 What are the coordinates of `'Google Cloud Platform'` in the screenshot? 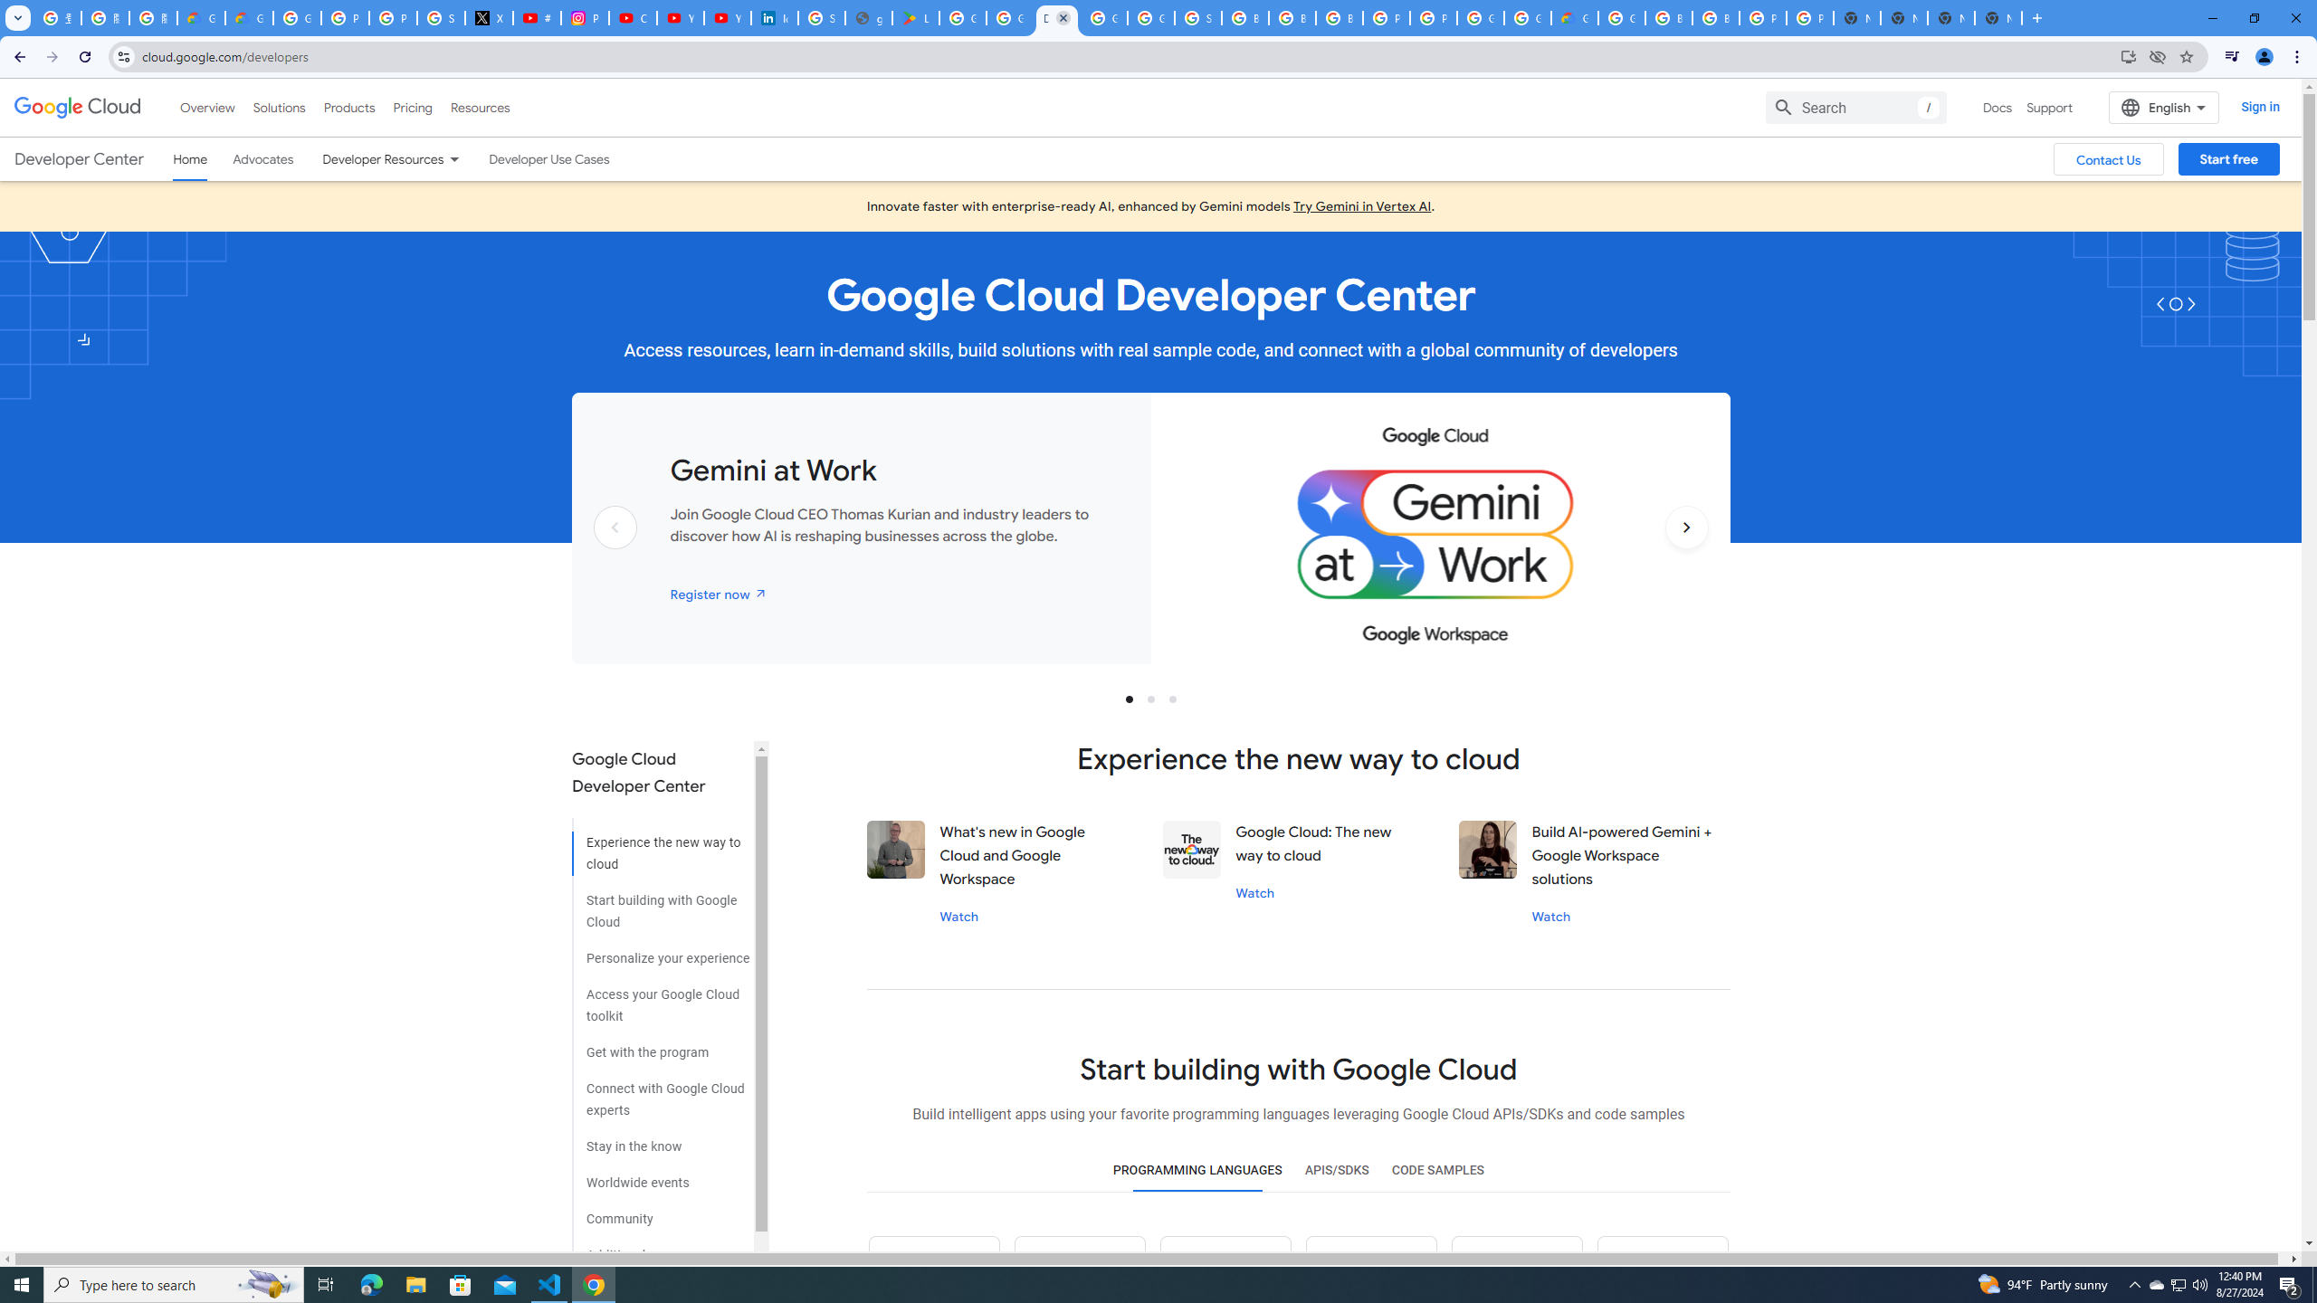 It's located at (1527, 17).